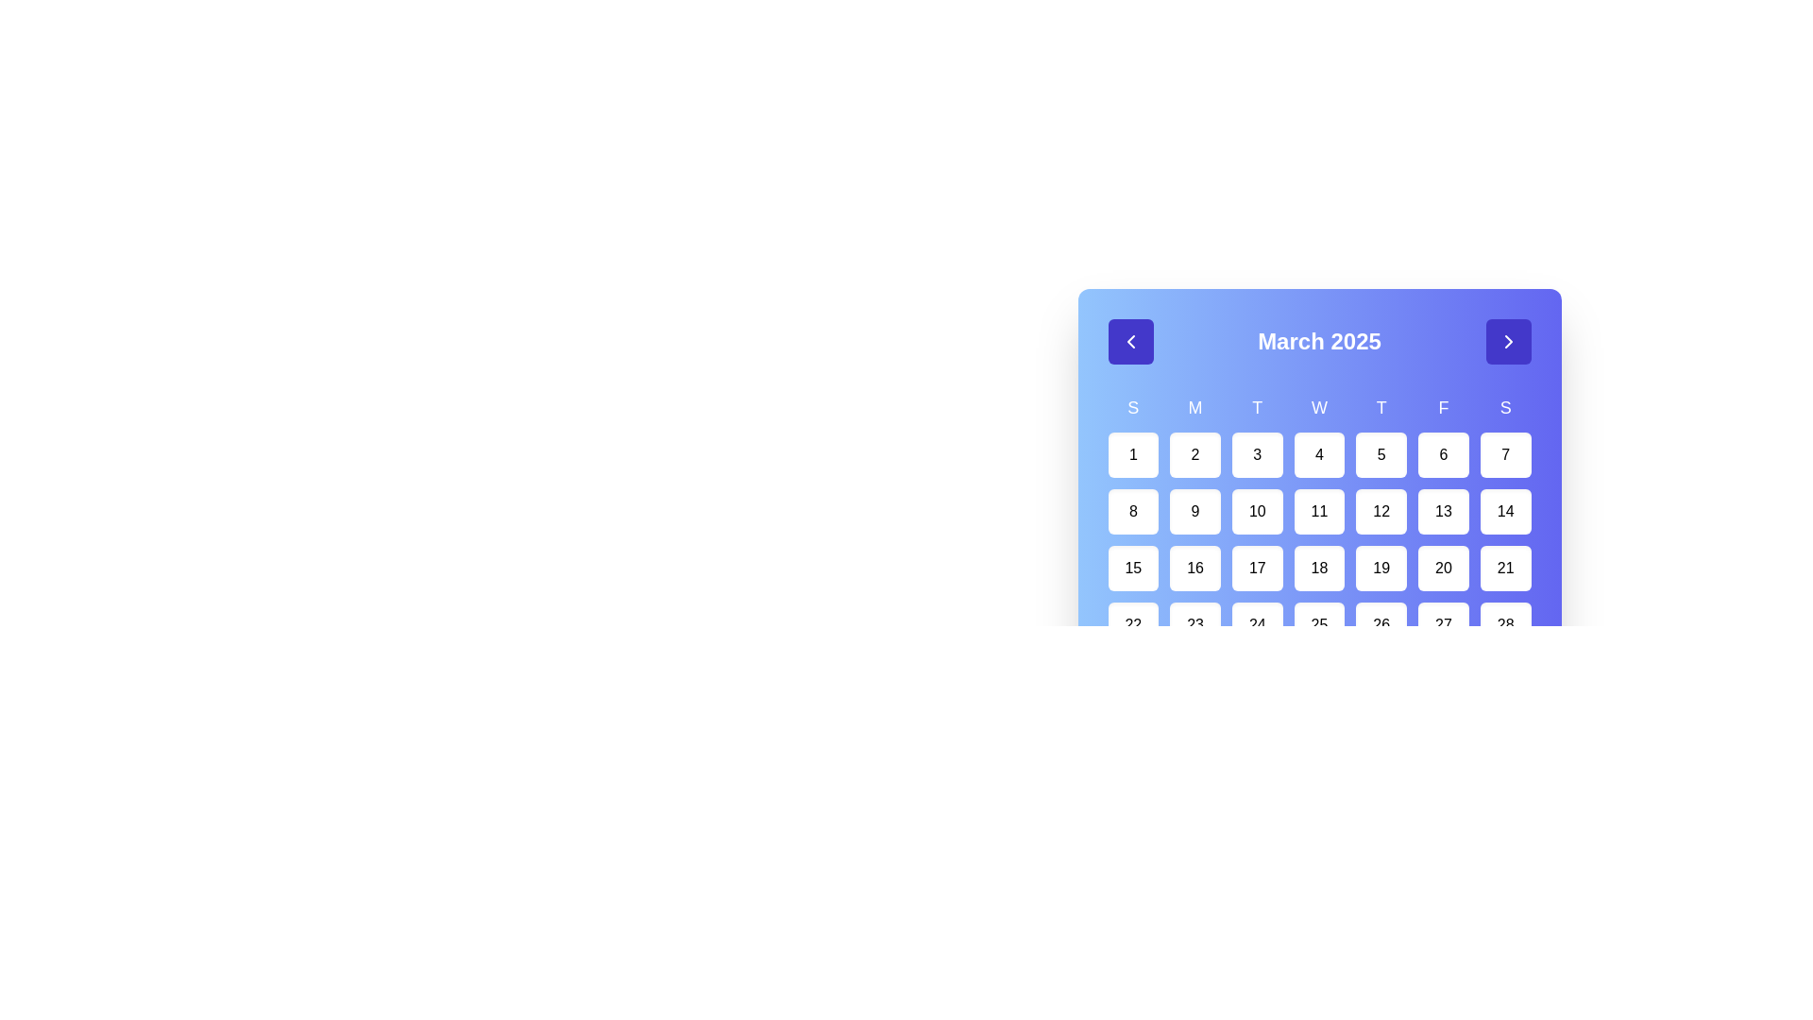 The image size is (1813, 1020). Describe the element at coordinates (1130, 342) in the screenshot. I see `the deep indigo button with a white leftward chevron icon` at that location.